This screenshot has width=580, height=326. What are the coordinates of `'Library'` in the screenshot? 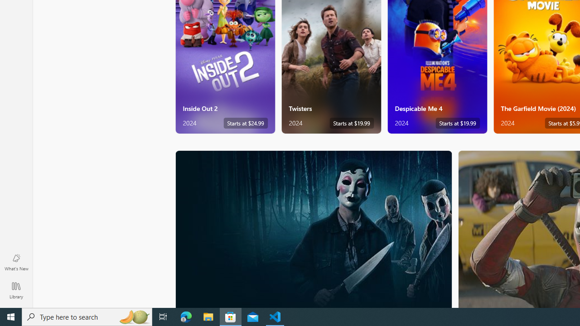 It's located at (16, 290).